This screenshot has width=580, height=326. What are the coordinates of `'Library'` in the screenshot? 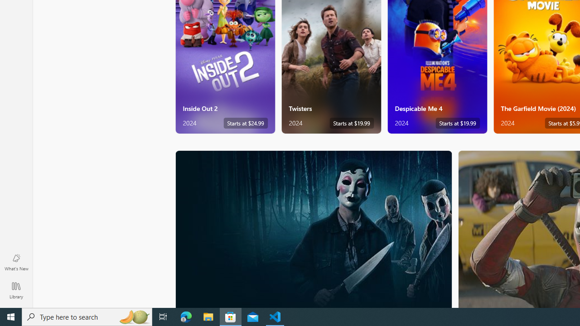 It's located at (16, 290).